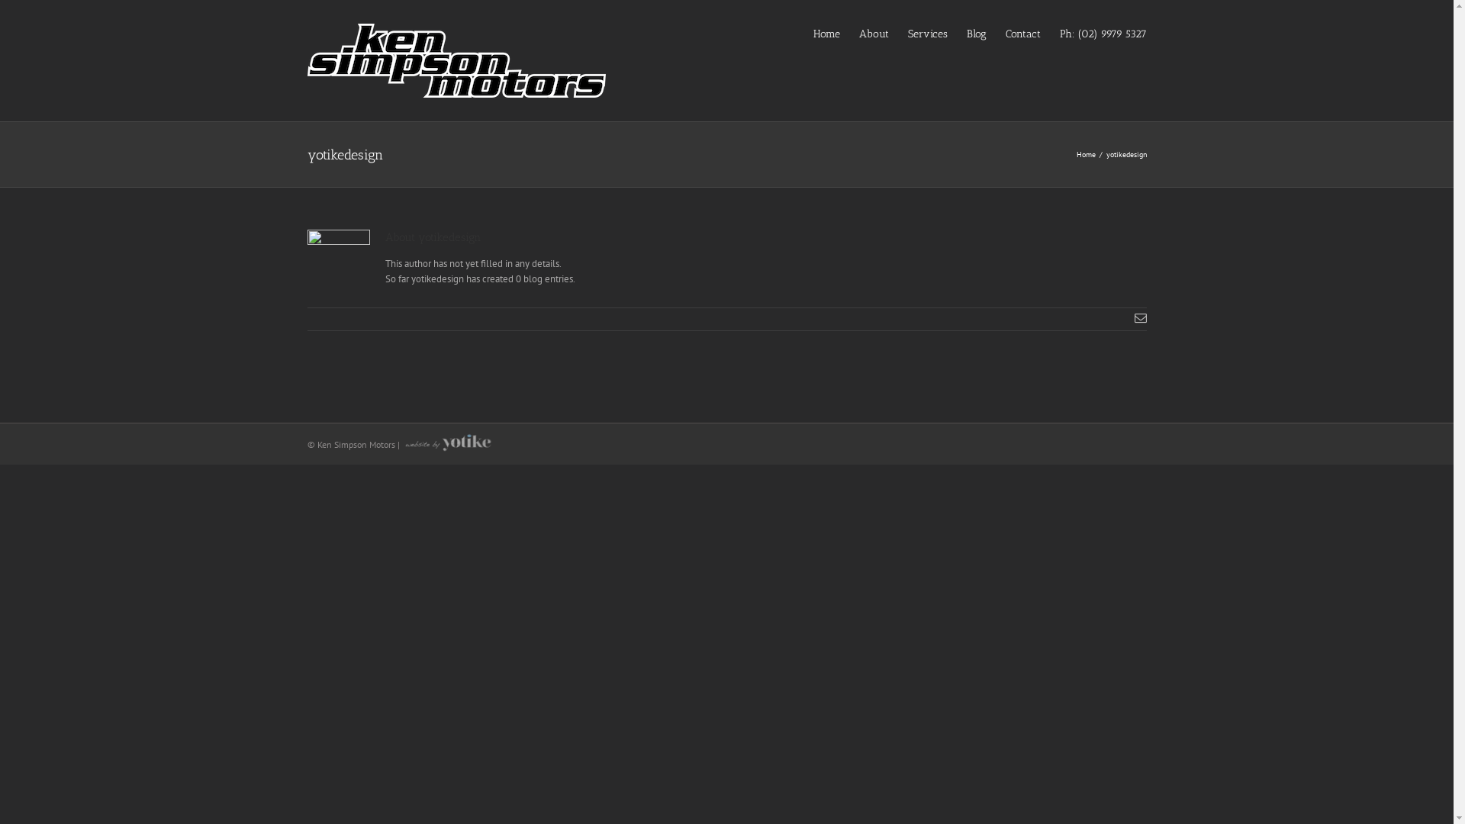  Describe the element at coordinates (1022, 32) in the screenshot. I see `'Contact'` at that location.